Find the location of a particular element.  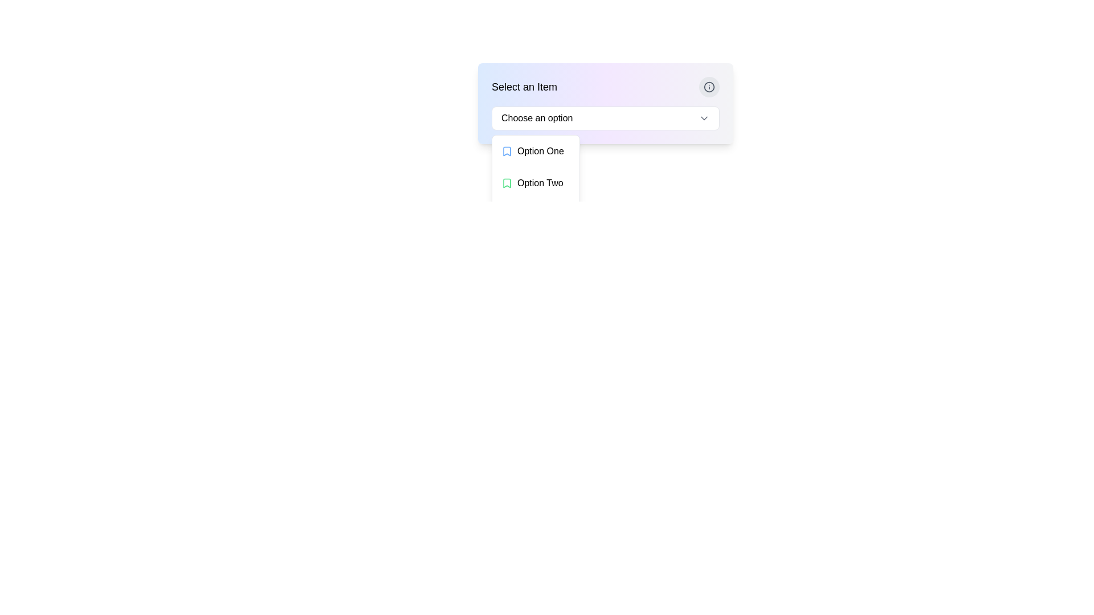

the blue bookmark icon located to the left of the text 'Option One' in the dropdown menu is located at coordinates (506, 151).